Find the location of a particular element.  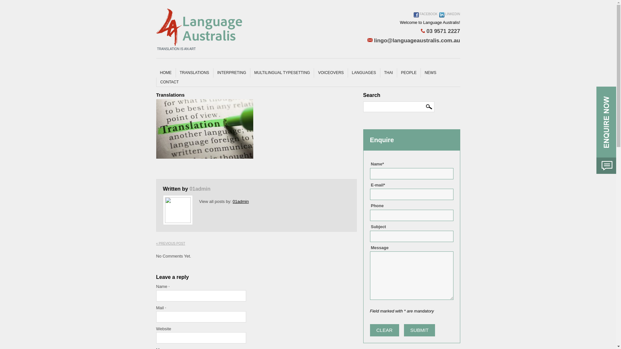

'LINKEDIN' is located at coordinates (449, 17).